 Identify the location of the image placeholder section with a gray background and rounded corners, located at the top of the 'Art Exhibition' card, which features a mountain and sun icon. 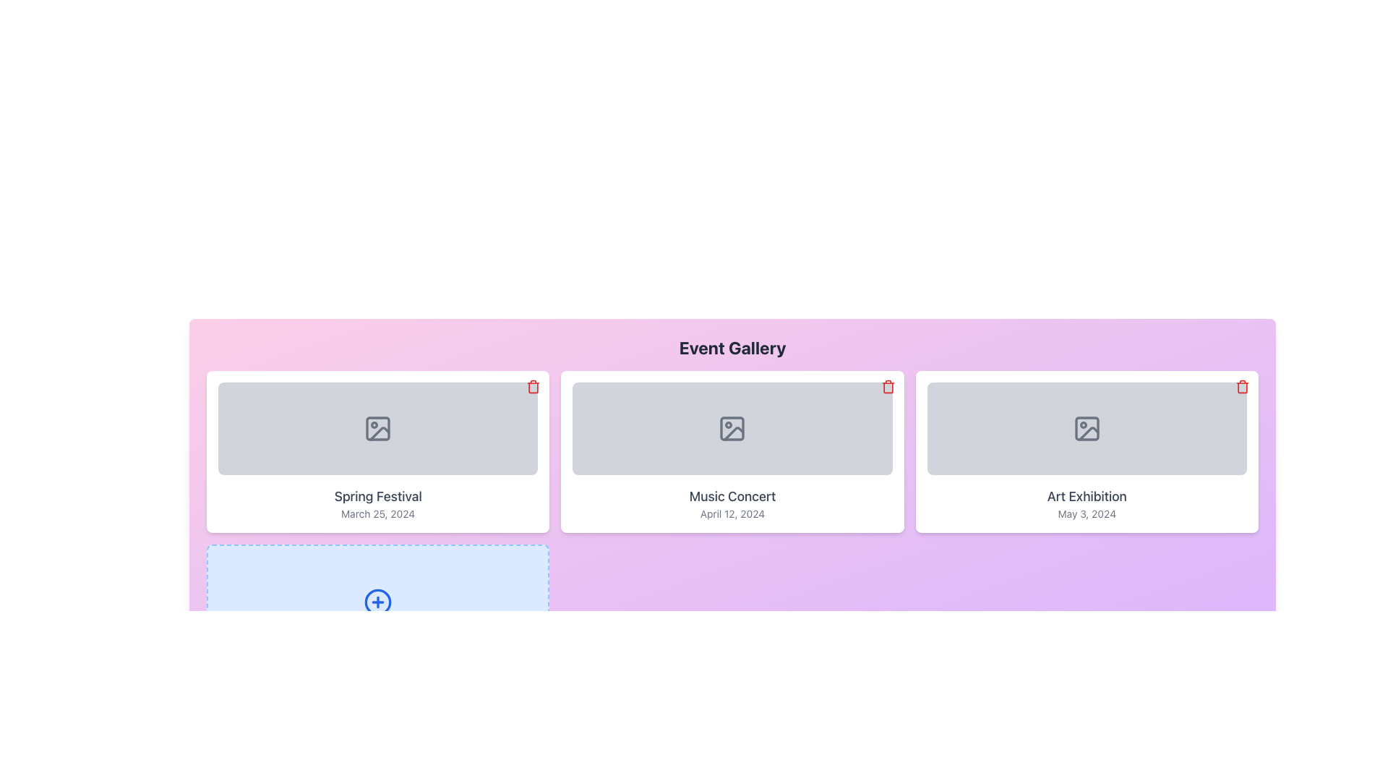
(1087, 428).